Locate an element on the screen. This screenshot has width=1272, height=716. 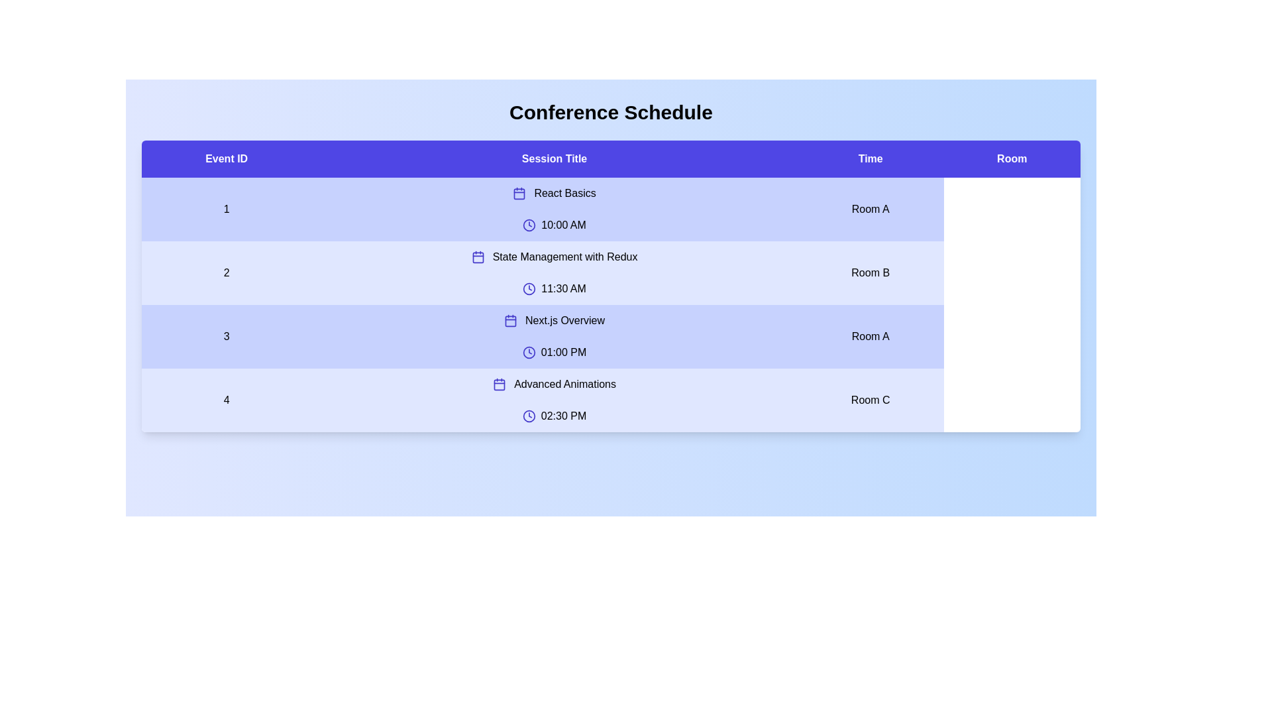
the row corresponding to 3 is located at coordinates (610, 336).